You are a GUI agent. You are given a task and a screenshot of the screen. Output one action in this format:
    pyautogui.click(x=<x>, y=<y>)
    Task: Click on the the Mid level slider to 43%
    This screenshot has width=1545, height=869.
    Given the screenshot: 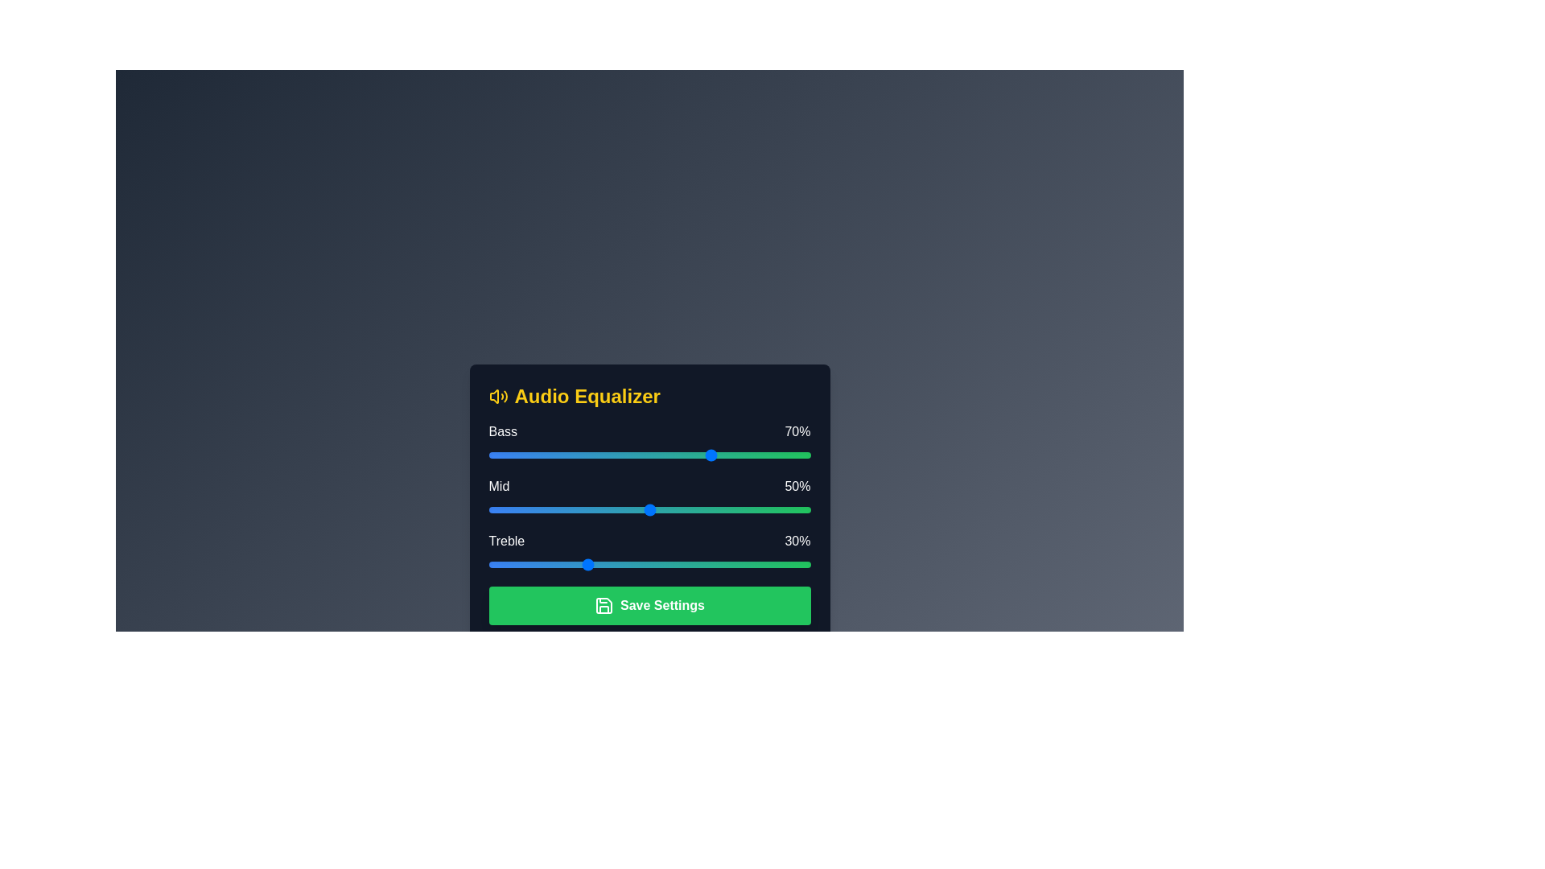 What is the action you would take?
    pyautogui.click(x=626, y=509)
    